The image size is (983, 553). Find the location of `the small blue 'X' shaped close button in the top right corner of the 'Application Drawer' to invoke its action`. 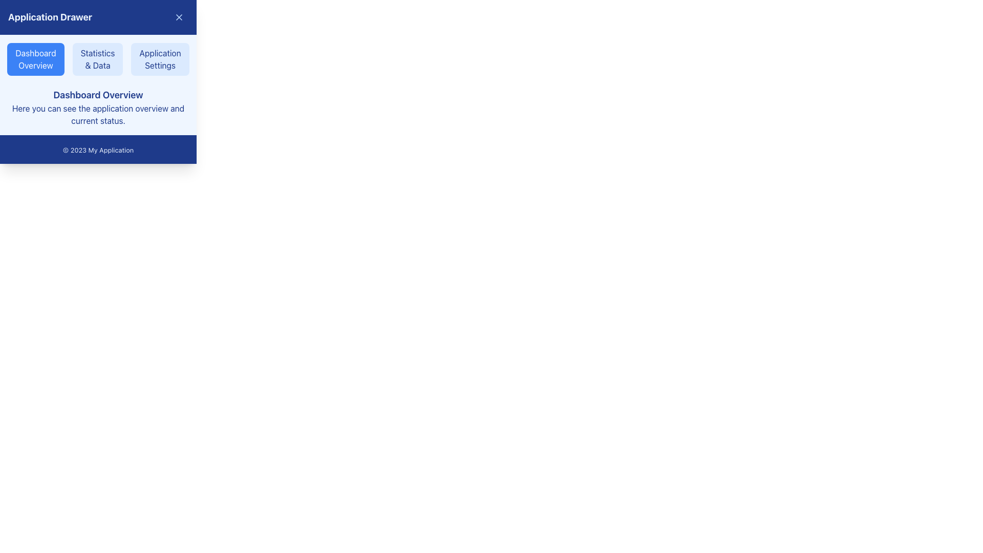

the small blue 'X' shaped close button in the top right corner of the 'Application Drawer' to invoke its action is located at coordinates (179, 17).